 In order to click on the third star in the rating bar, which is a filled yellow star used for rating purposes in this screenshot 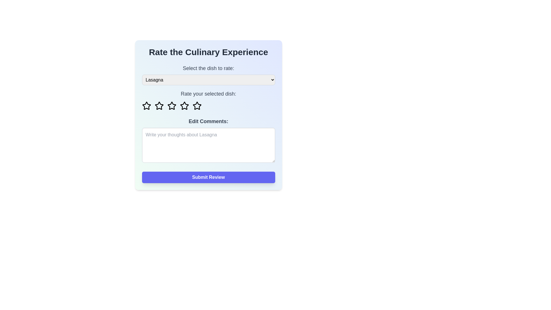, I will do `click(171, 106)`.